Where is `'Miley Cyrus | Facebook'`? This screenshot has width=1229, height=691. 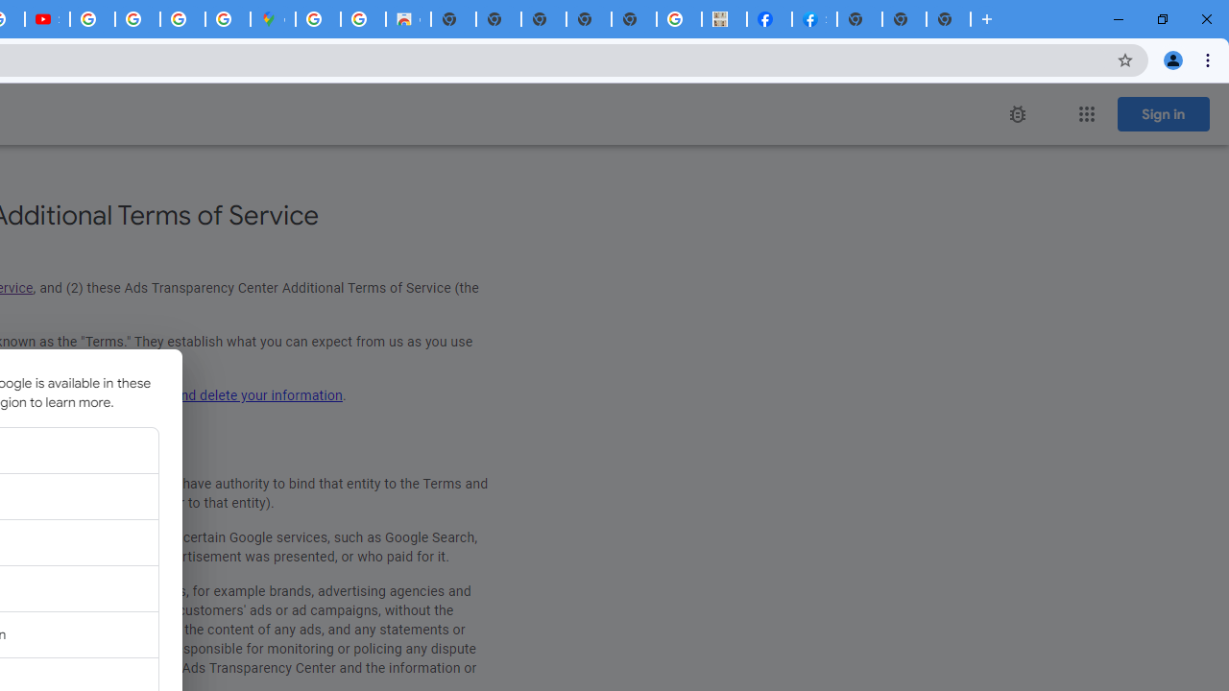
'Miley Cyrus | Facebook' is located at coordinates (769, 19).